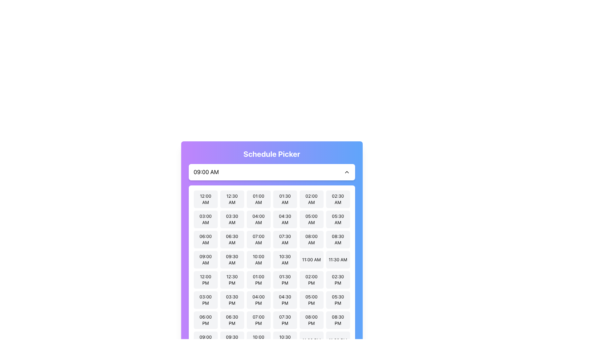 This screenshot has width=605, height=340. I want to click on the time selection button for '02:00 AM' located in the first row and fifth column of the scheduling interface, so click(311, 199).